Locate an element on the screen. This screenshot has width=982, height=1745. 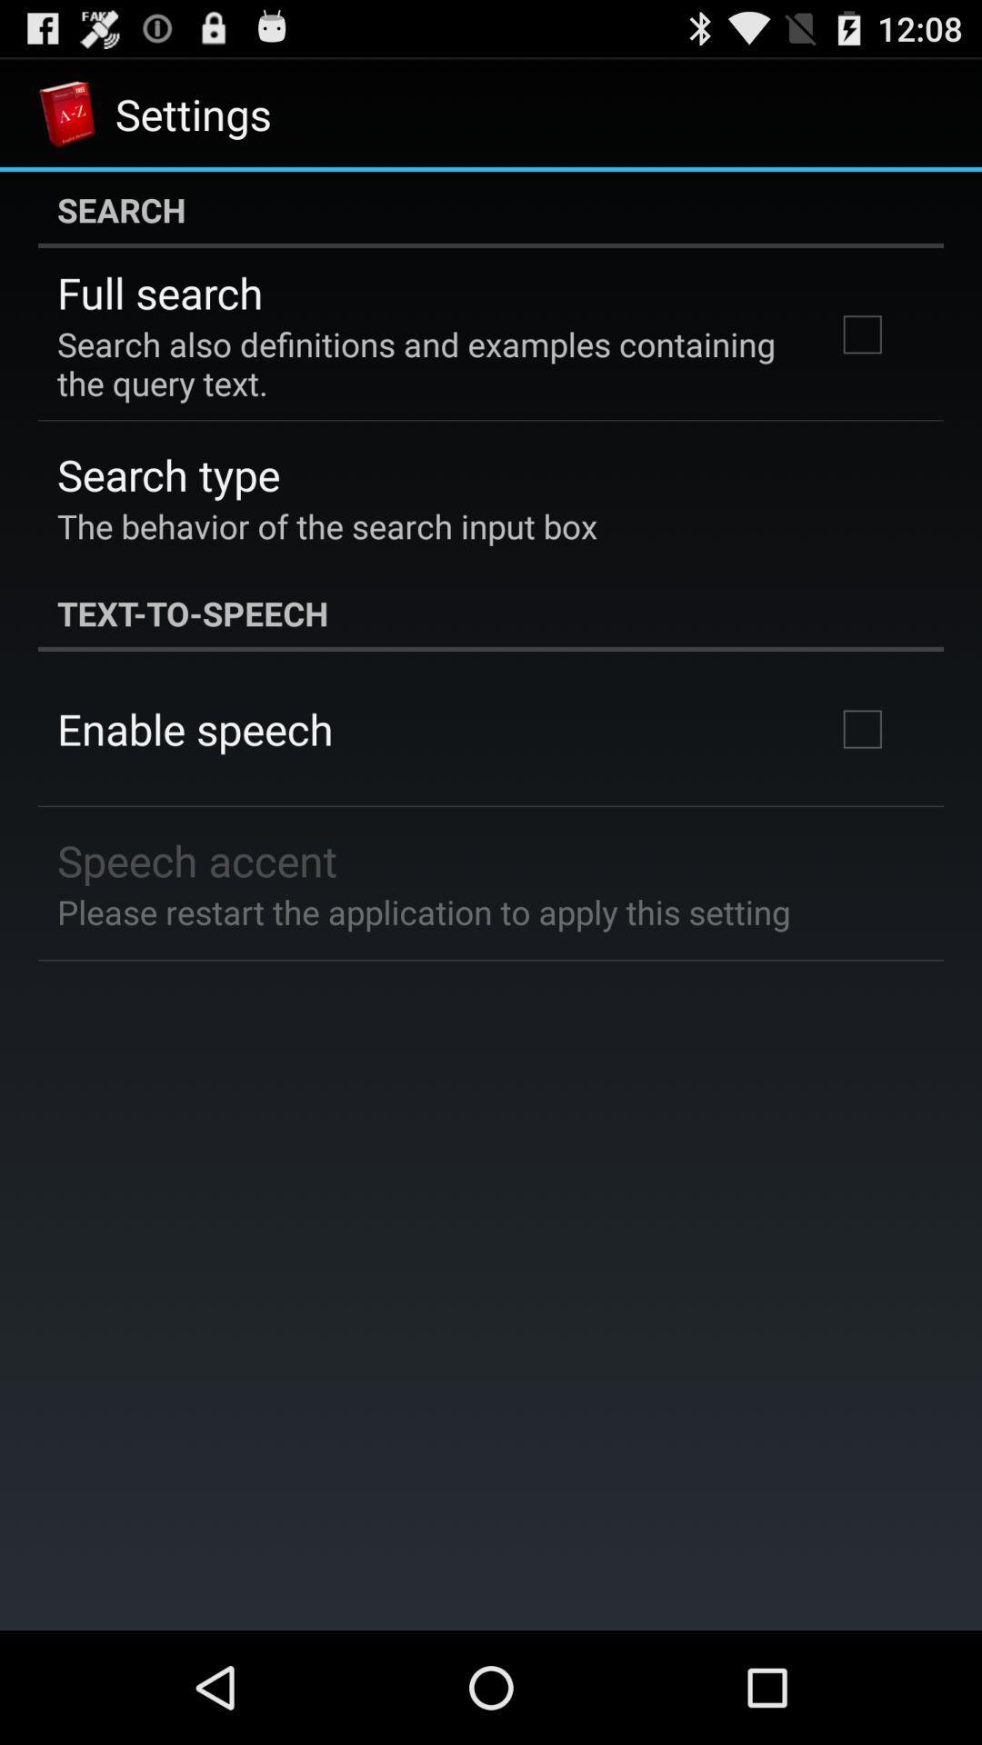
the search also definitions item is located at coordinates (421, 364).